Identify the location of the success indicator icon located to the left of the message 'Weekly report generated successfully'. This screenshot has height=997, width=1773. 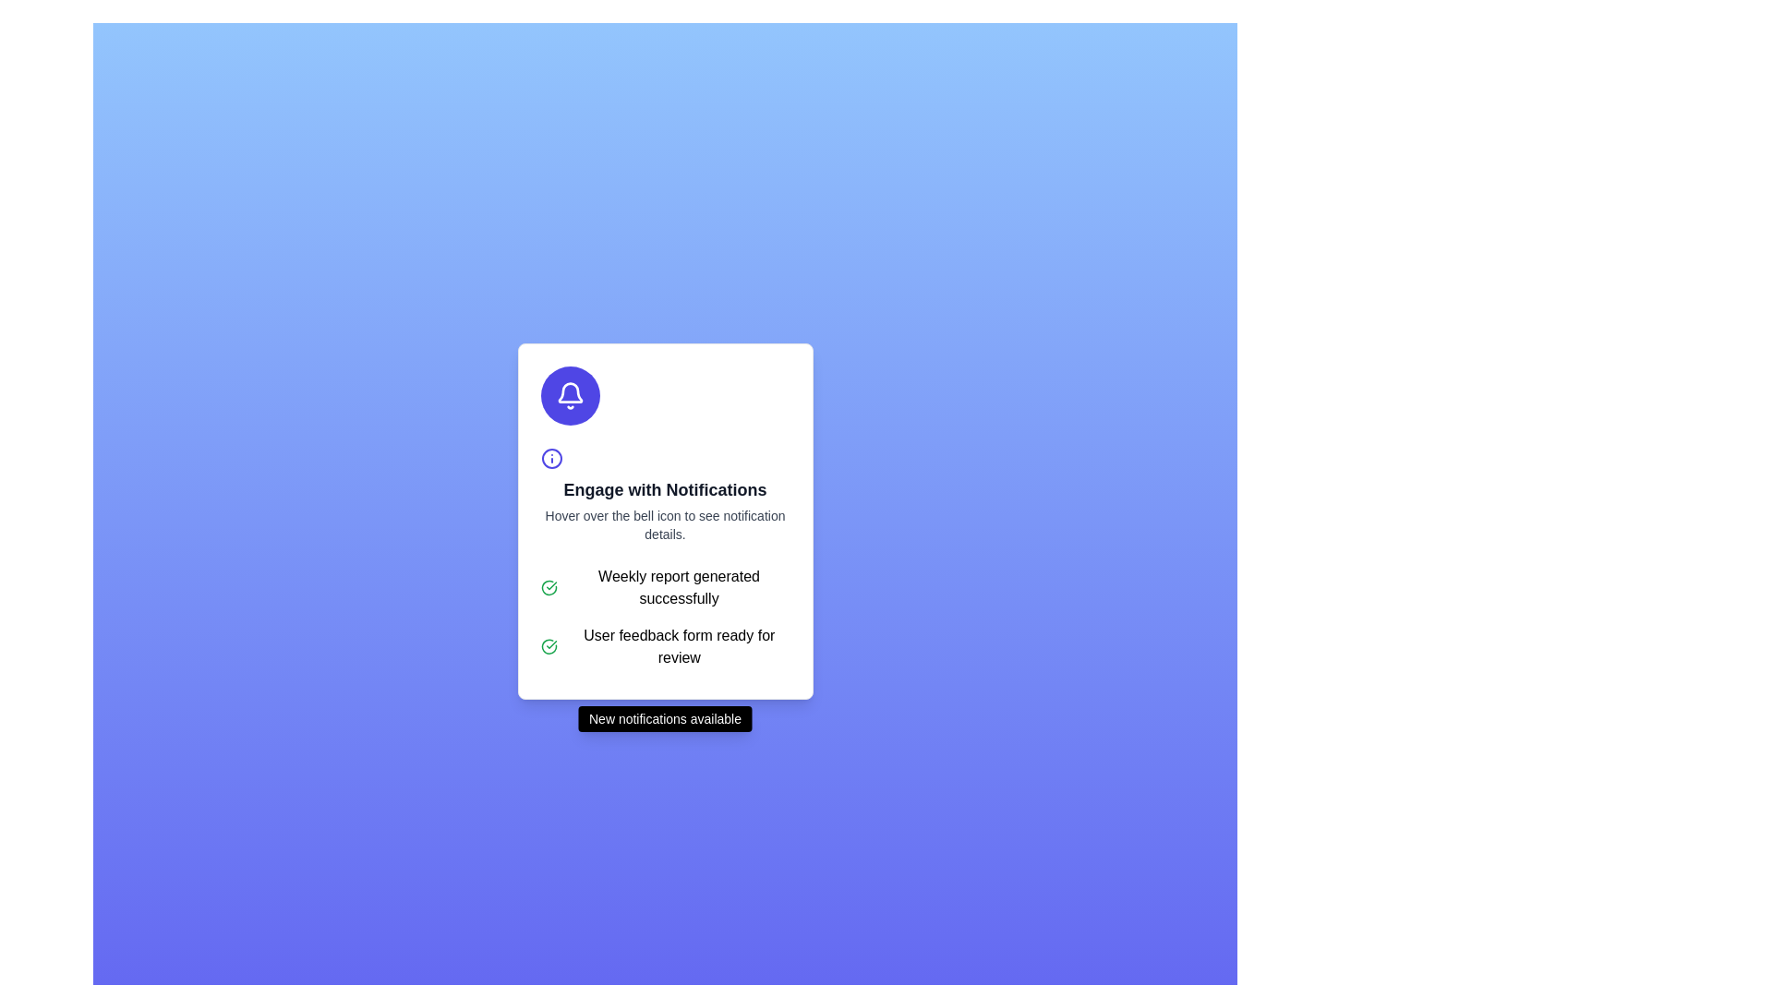
(548, 587).